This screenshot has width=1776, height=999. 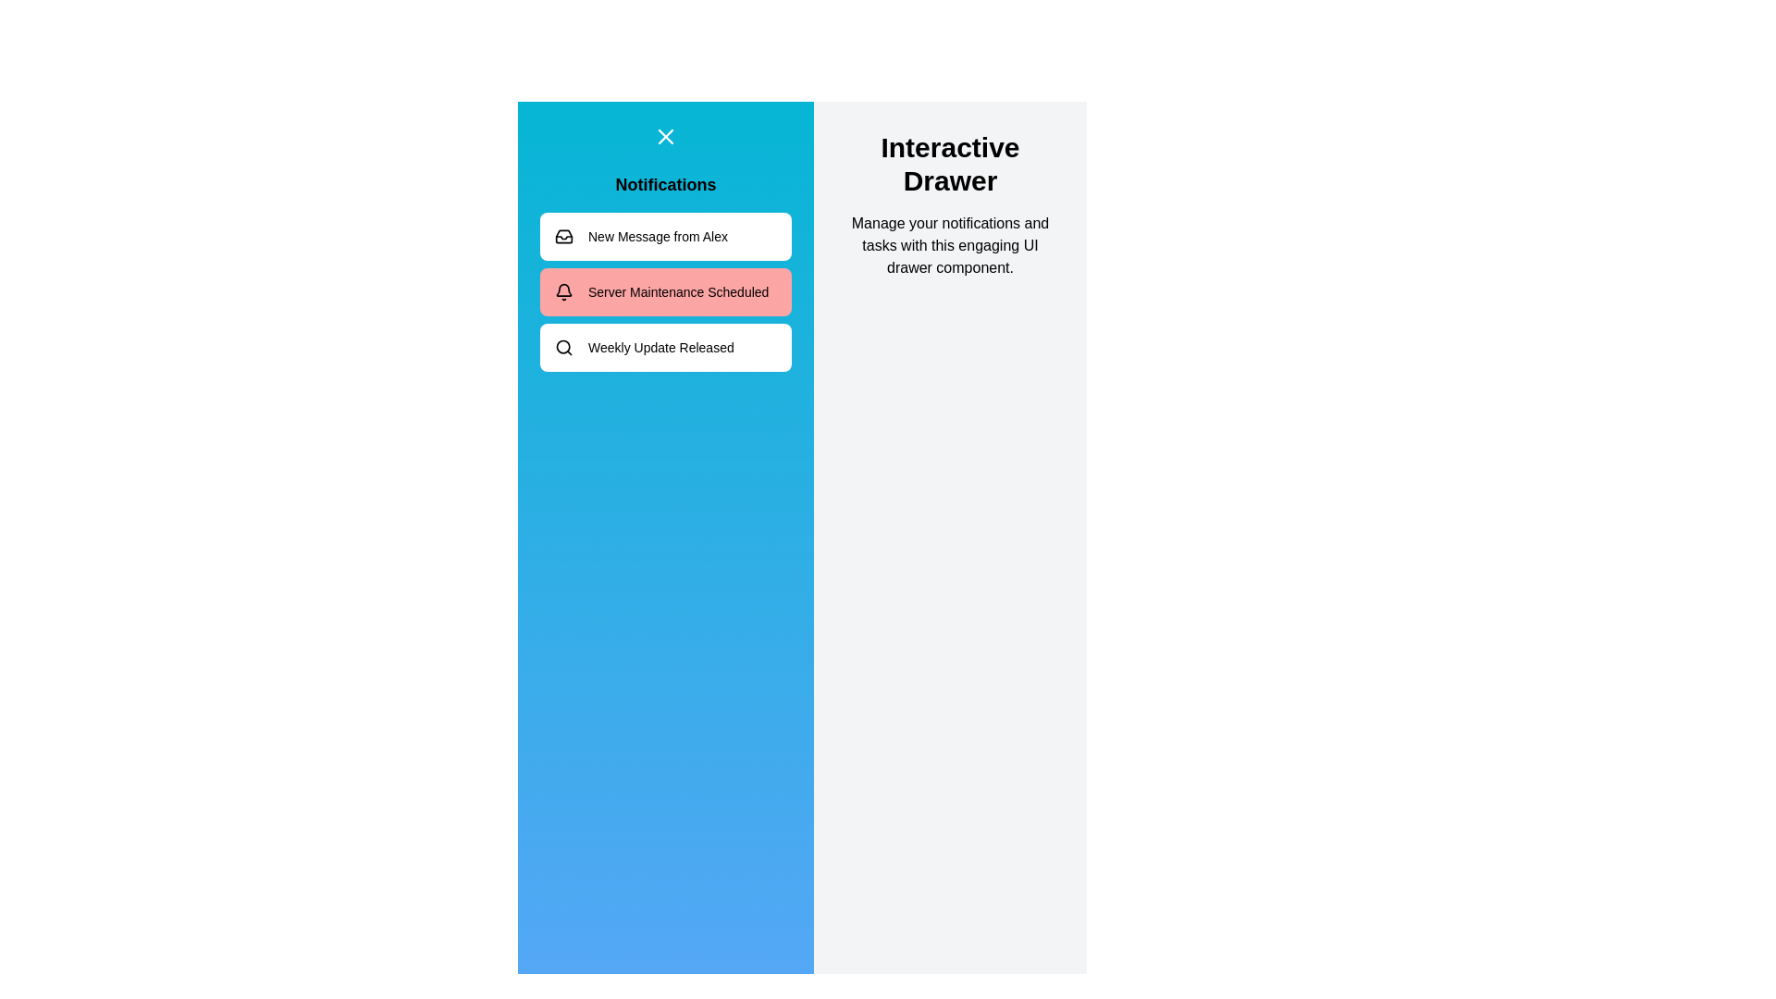 What do you see at coordinates (666, 235) in the screenshot?
I see `the notification labeled 'New Message from Alex'` at bounding box center [666, 235].